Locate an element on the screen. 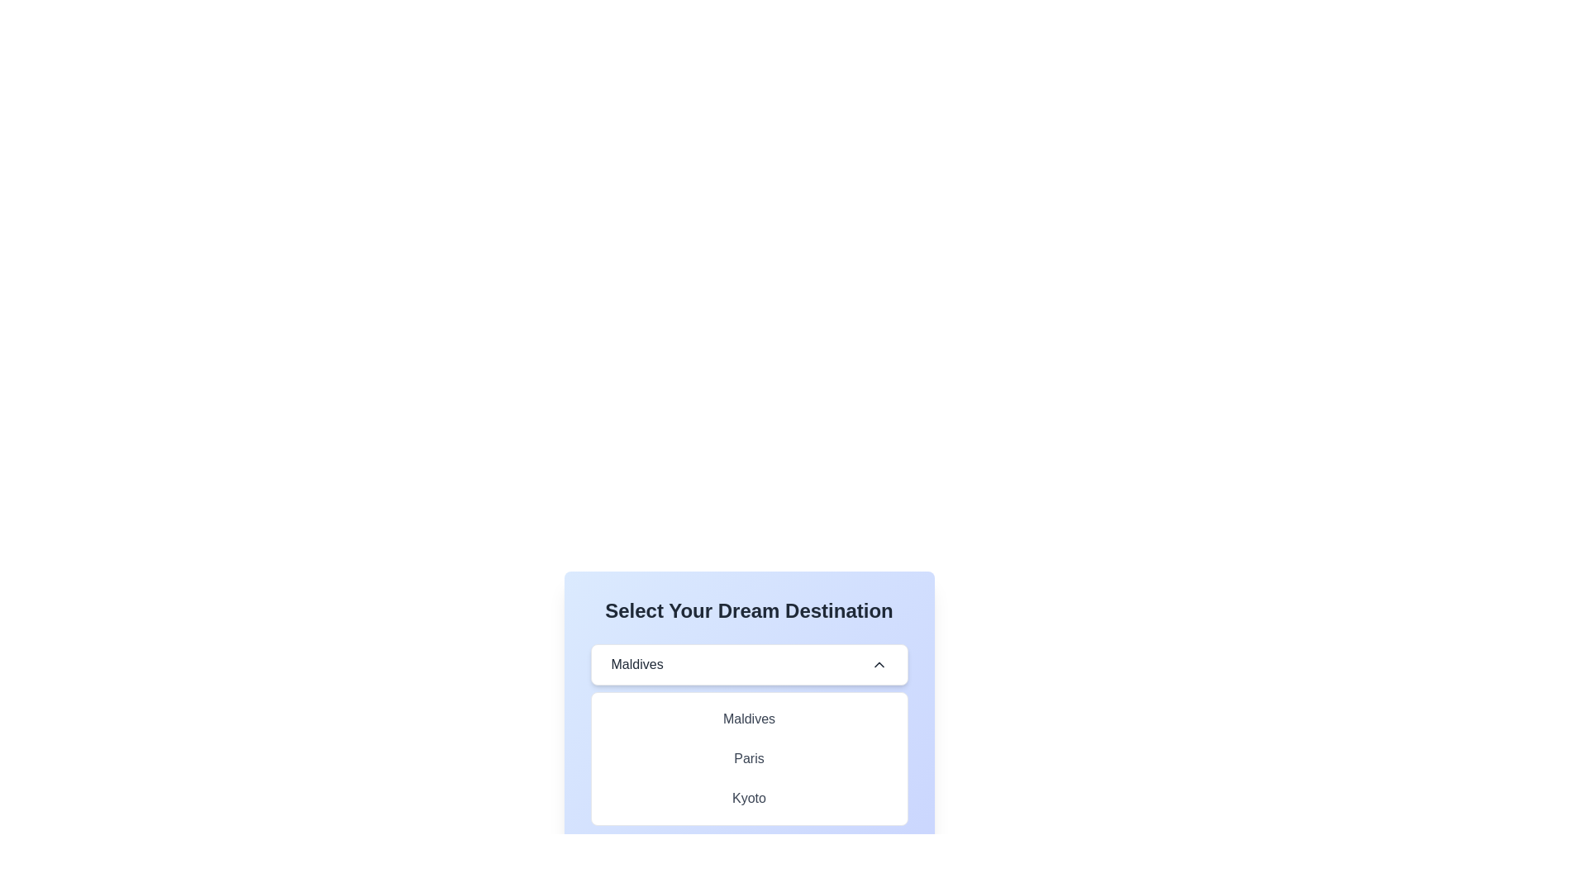  the 'Paris' option in the dropdown menu to change its background and text color is located at coordinates (748, 758).